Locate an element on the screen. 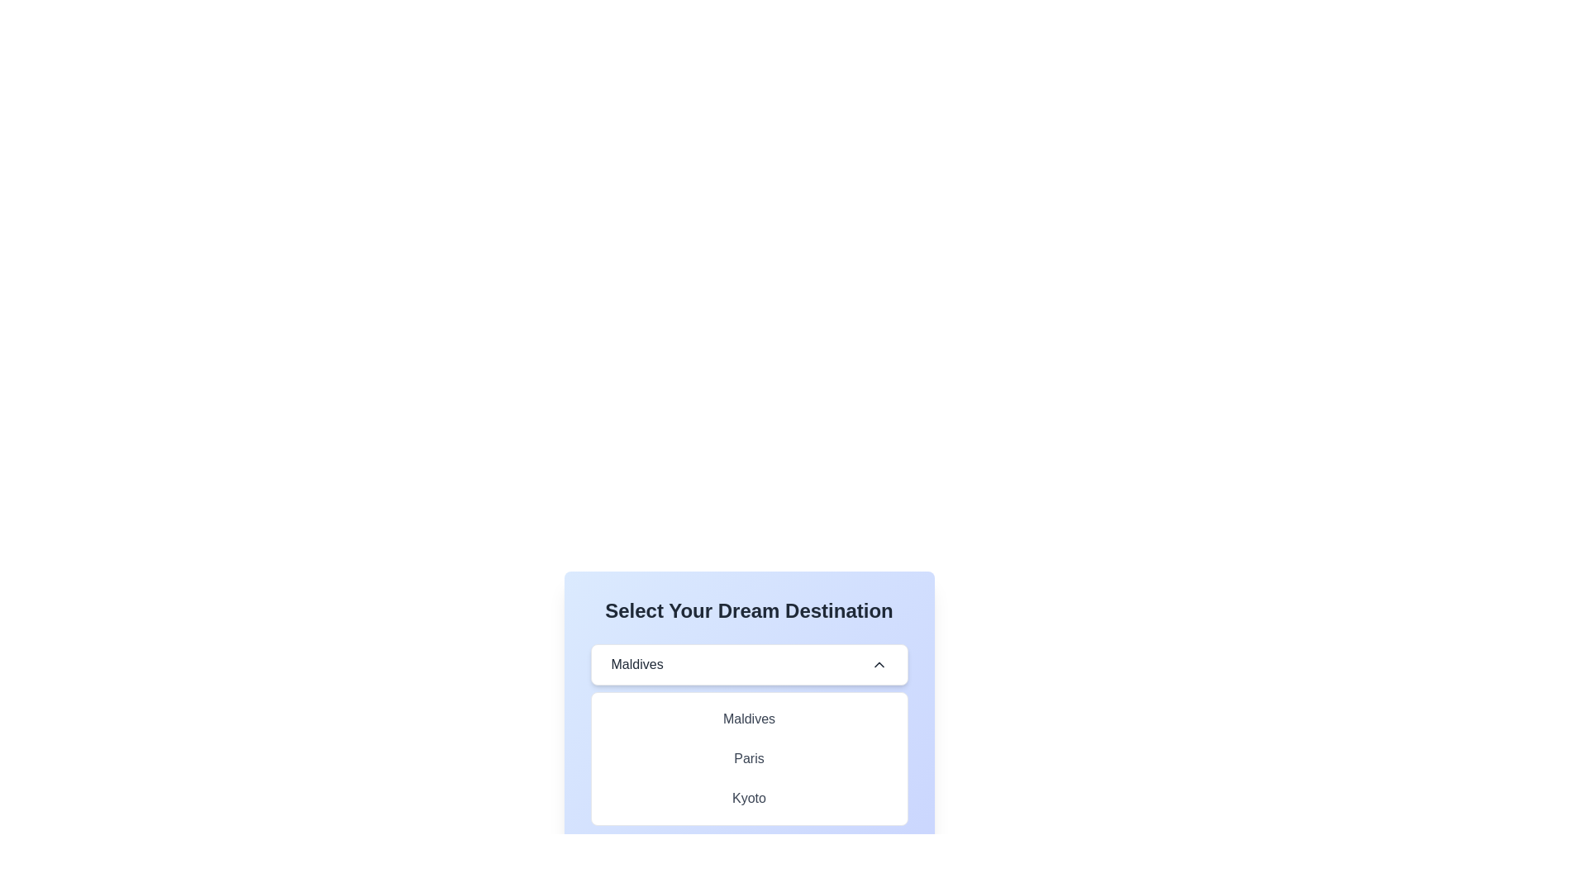  the 'Paris' option in the dropdown menu to change its background and text color is located at coordinates (748, 758).